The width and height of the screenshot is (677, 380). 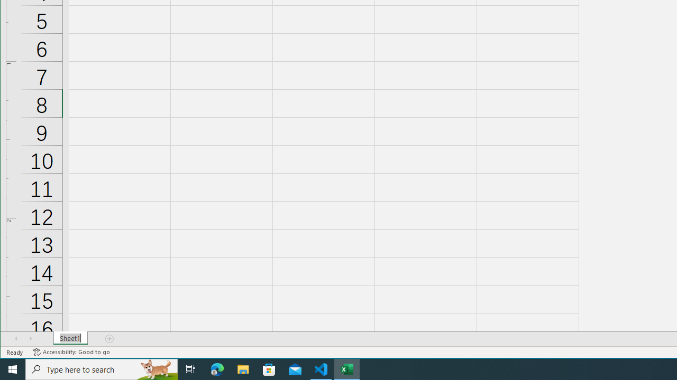 What do you see at coordinates (155, 368) in the screenshot?
I see `'Search highlights icon opens search home window'` at bounding box center [155, 368].